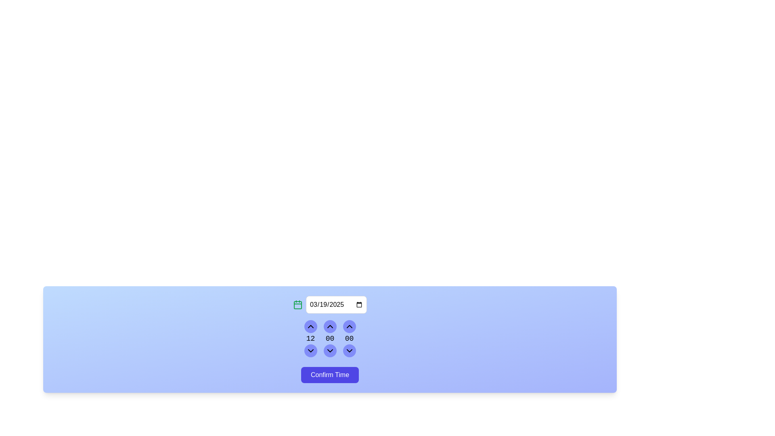 The width and height of the screenshot is (775, 436). I want to click on the increment button for the time unit selector, located at the top of the rightmost column in the vertical layout, so click(349, 326).